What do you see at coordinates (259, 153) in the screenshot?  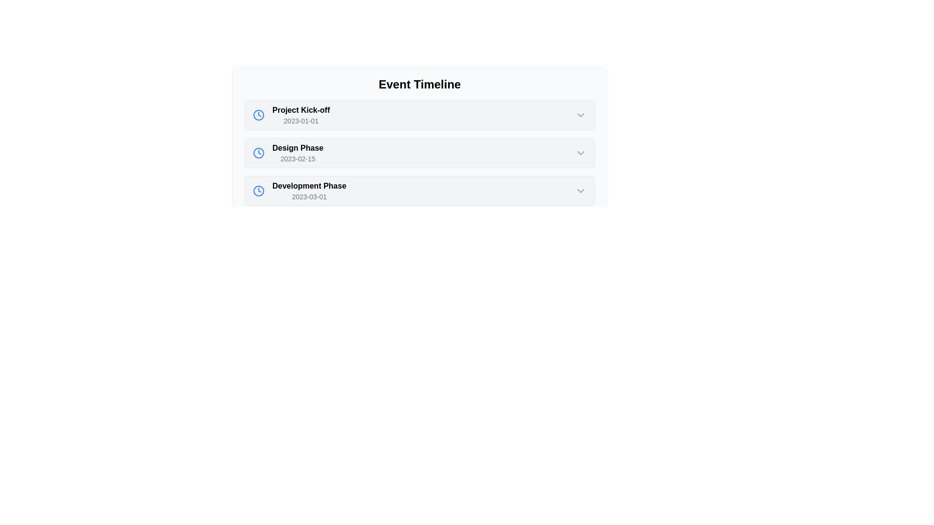 I see `the clock icon located in the second row of the timeline list under the 'Event Timeline' heading, which is to the left of the 'Design Phase' text` at bounding box center [259, 153].